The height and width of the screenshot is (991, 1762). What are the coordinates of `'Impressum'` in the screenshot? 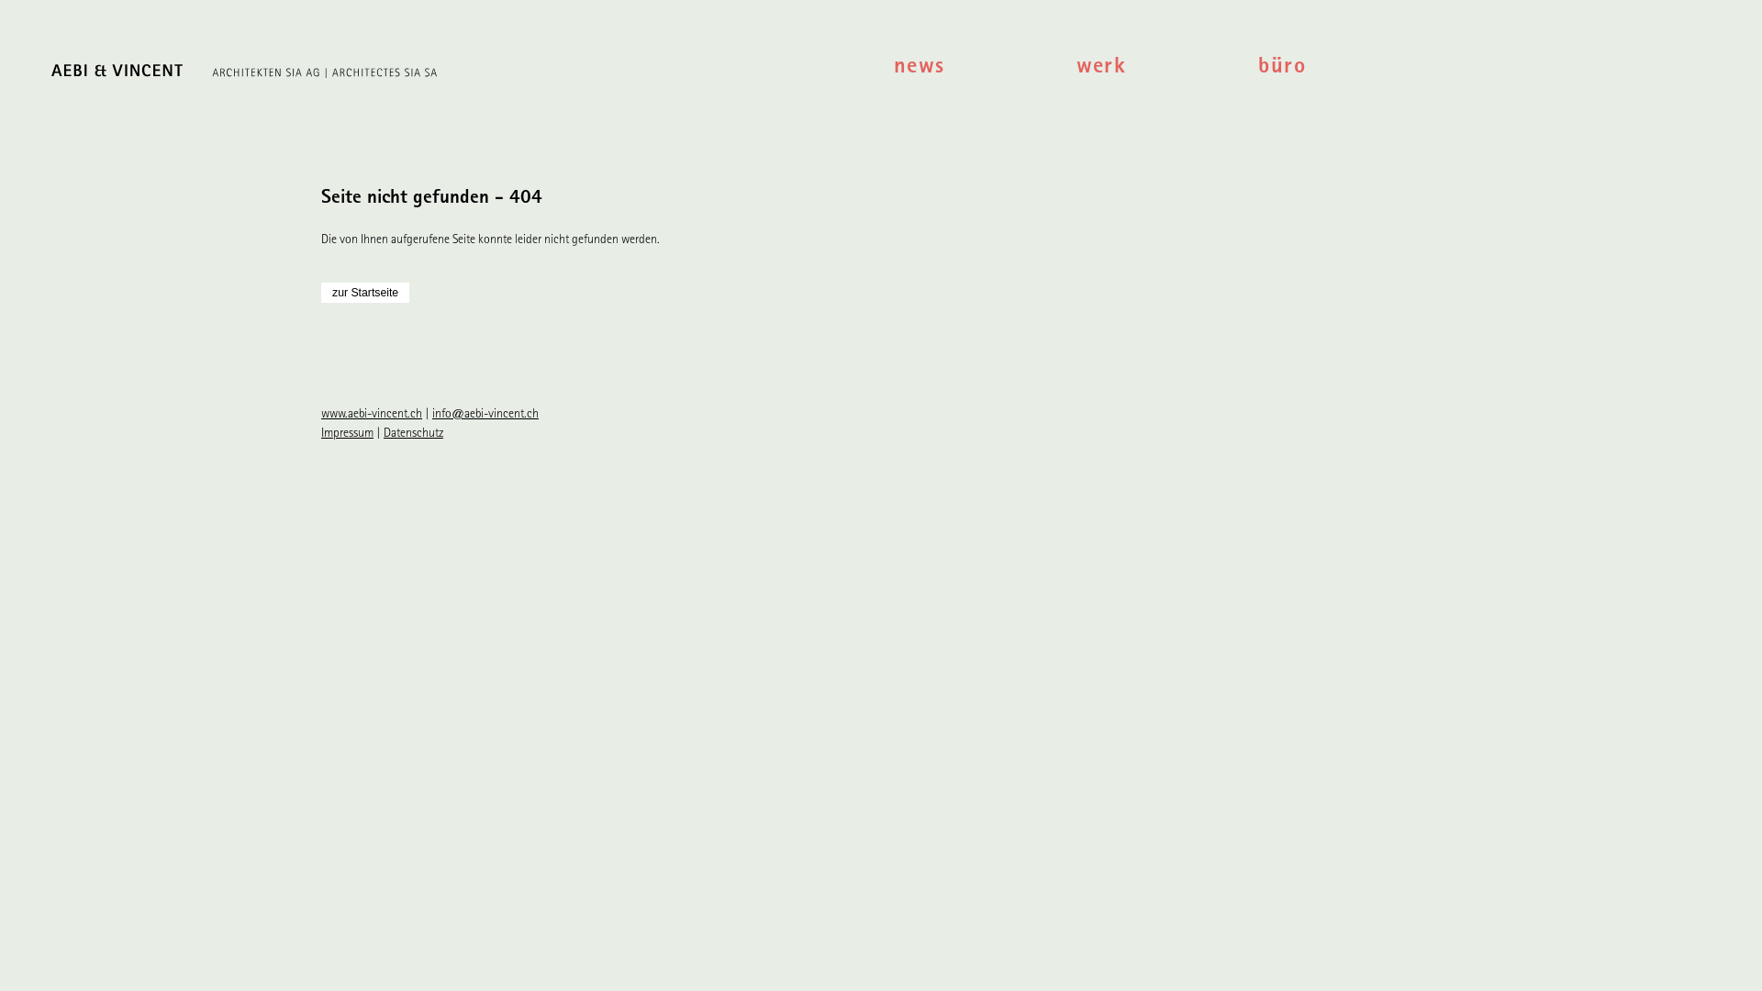 It's located at (347, 434).